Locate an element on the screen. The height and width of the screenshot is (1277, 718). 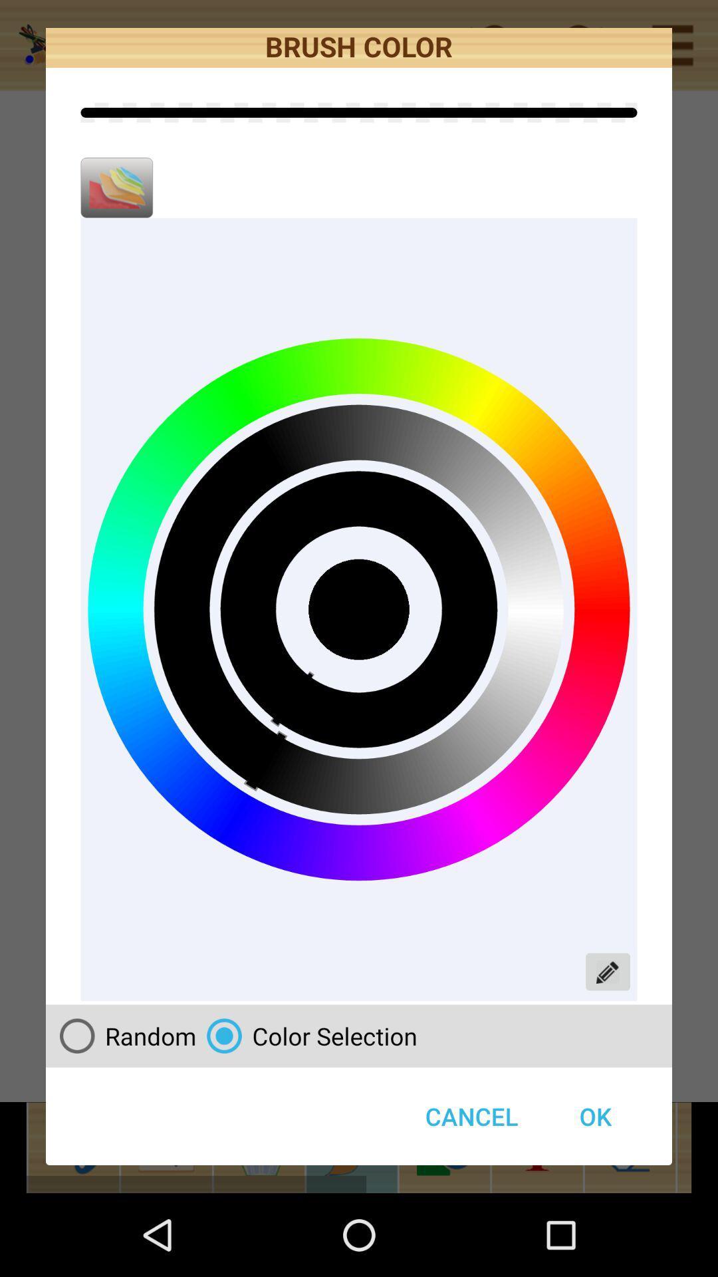
the random is located at coordinates (122, 1035).